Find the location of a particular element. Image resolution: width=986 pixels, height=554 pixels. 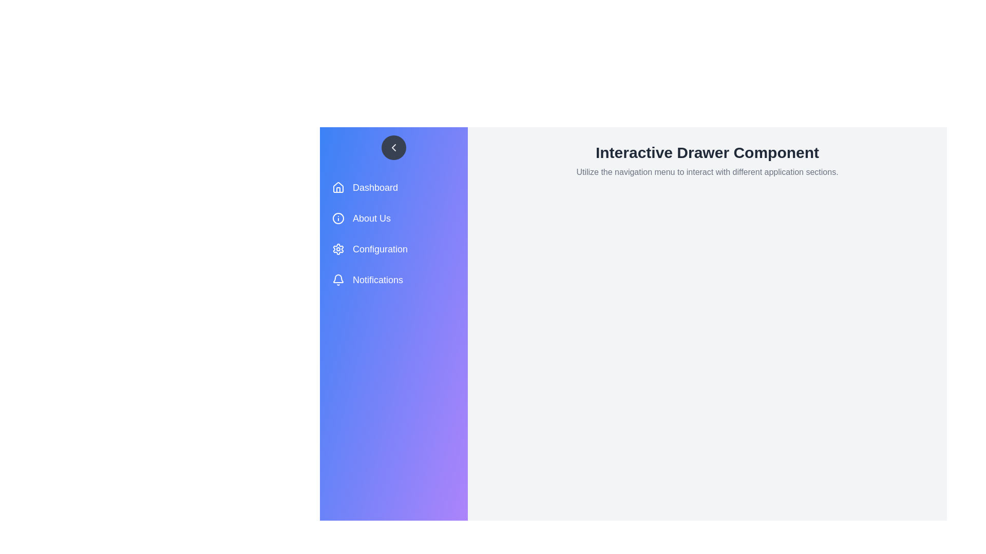

the 'Notifications' menu item with the bell icon located in the navigation menu is located at coordinates (397, 280).